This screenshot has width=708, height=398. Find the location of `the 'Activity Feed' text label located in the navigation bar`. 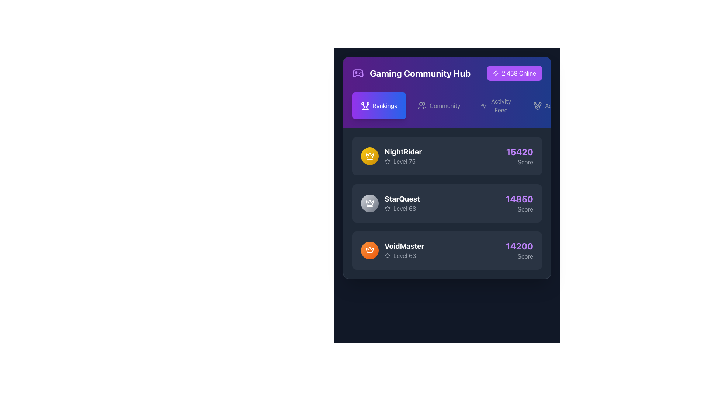

the 'Activity Feed' text label located in the navigation bar is located at coordinates (501, 105).